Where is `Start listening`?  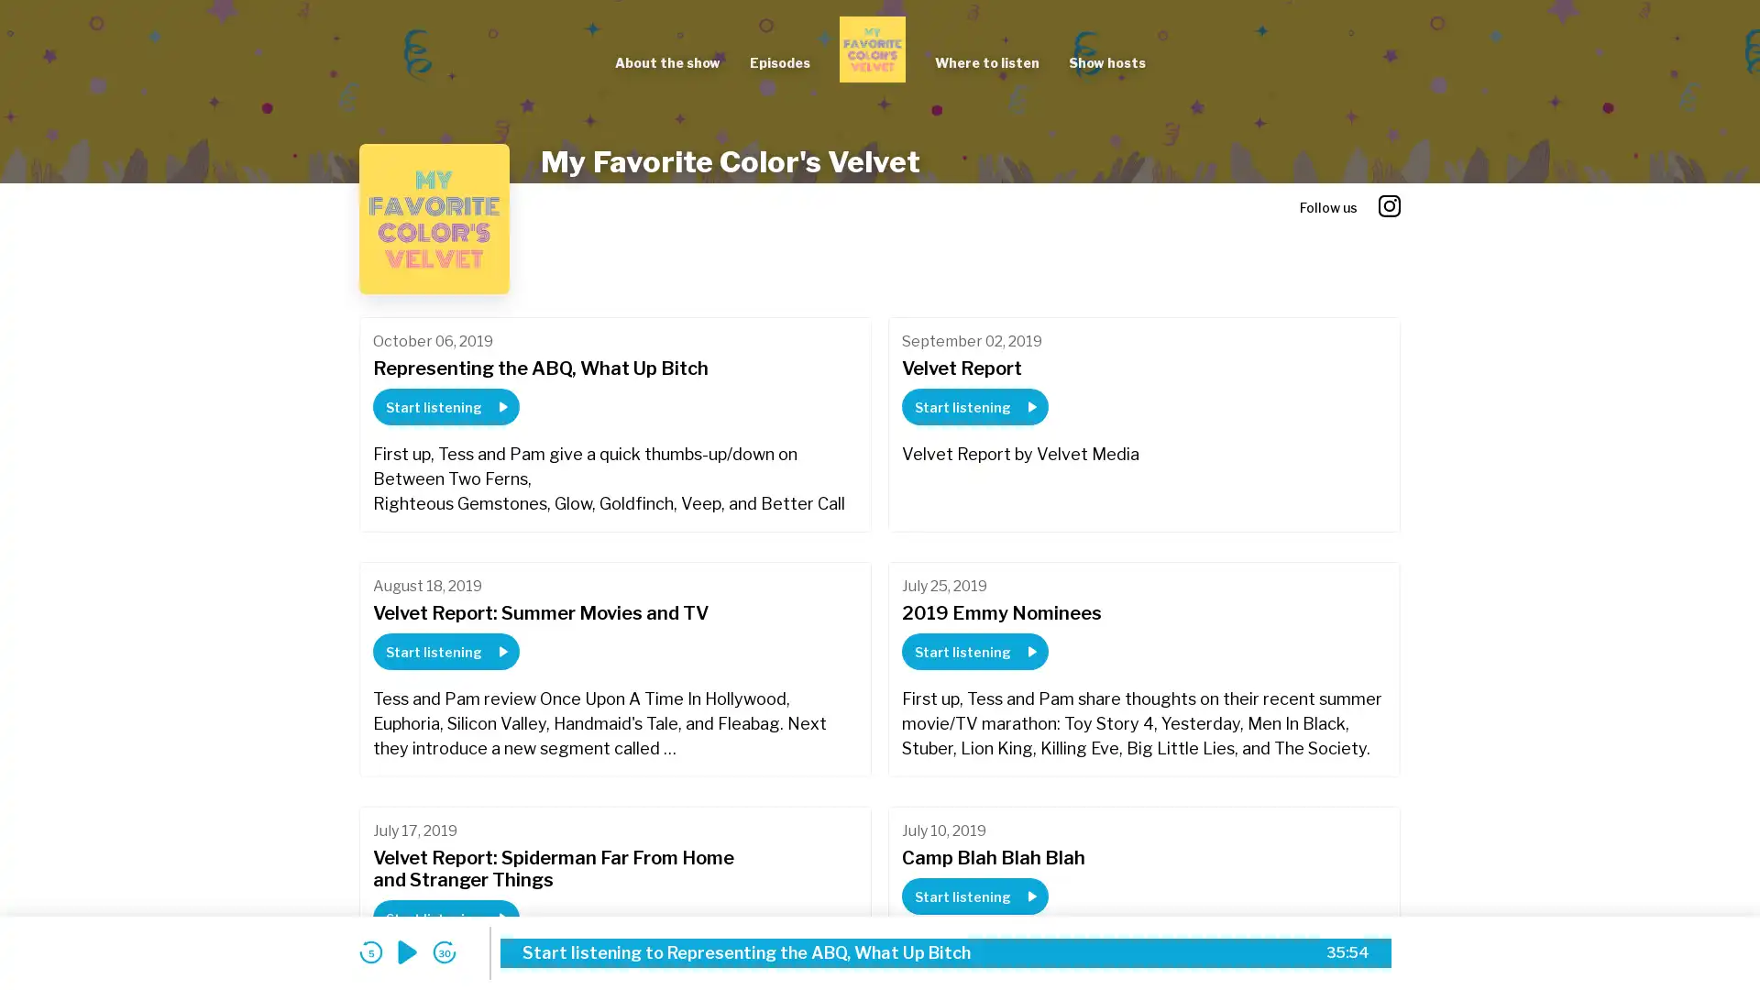 Start listening is located at coordinates (445, 650).